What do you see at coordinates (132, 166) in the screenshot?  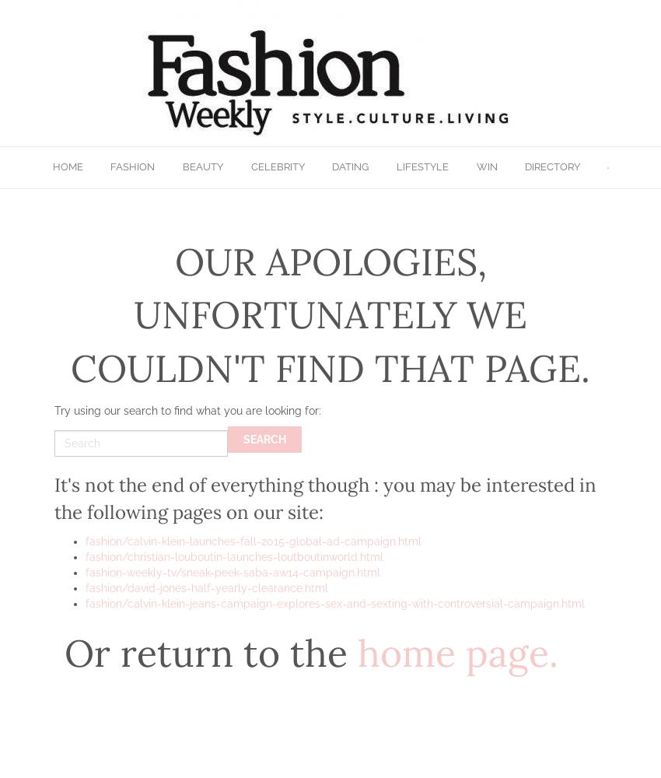 I see `'Fashion'` at bounding box center [132, 166].